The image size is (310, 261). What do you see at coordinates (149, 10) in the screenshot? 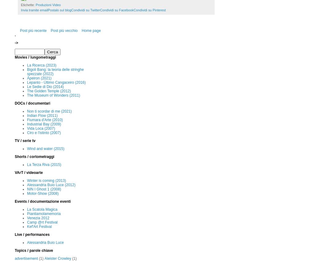
I see `'Condividi su Pinterest'` at bounding box center [149, 10].